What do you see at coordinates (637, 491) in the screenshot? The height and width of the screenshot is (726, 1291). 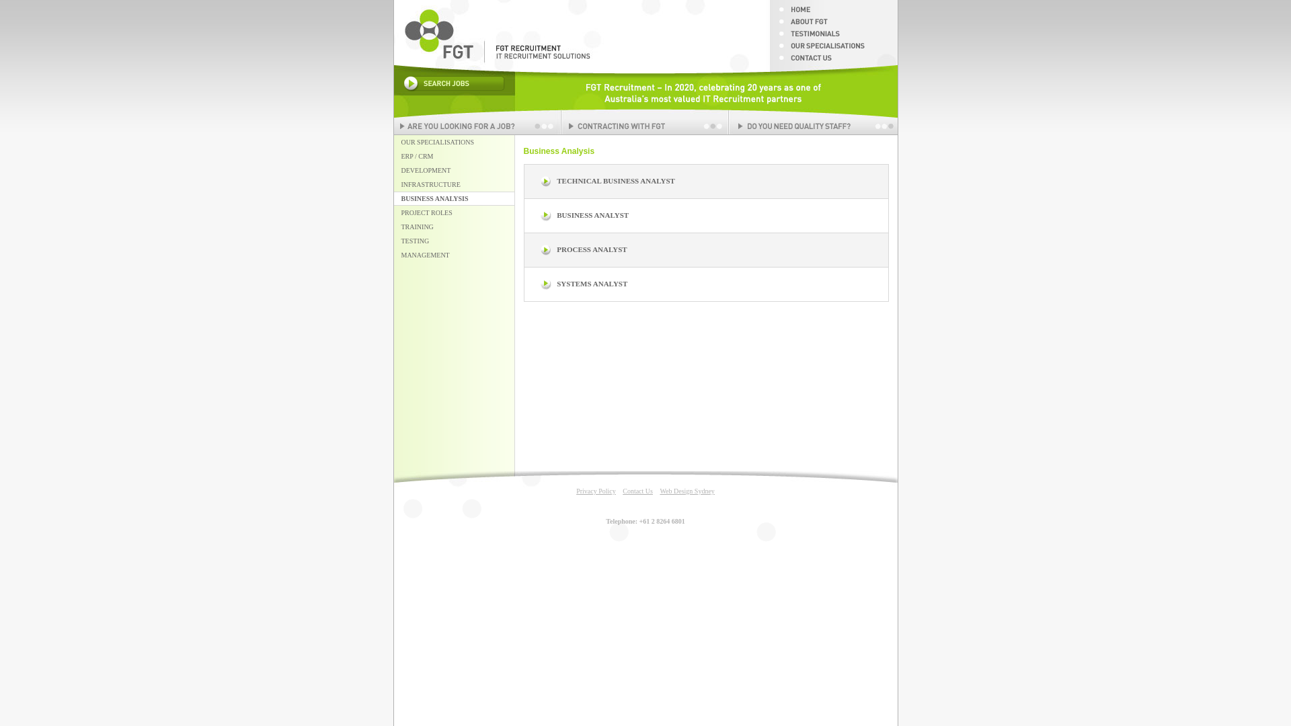 I see `'Contact Us'` at bounding box center [637, 491].